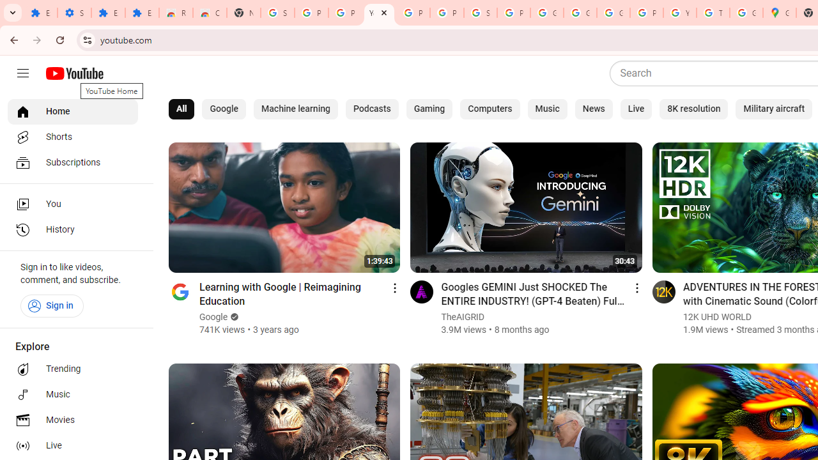  What do you see at coordinates (72, 420) in the screenshot?
I see `'Movies'` at bounding box center [72, 420].